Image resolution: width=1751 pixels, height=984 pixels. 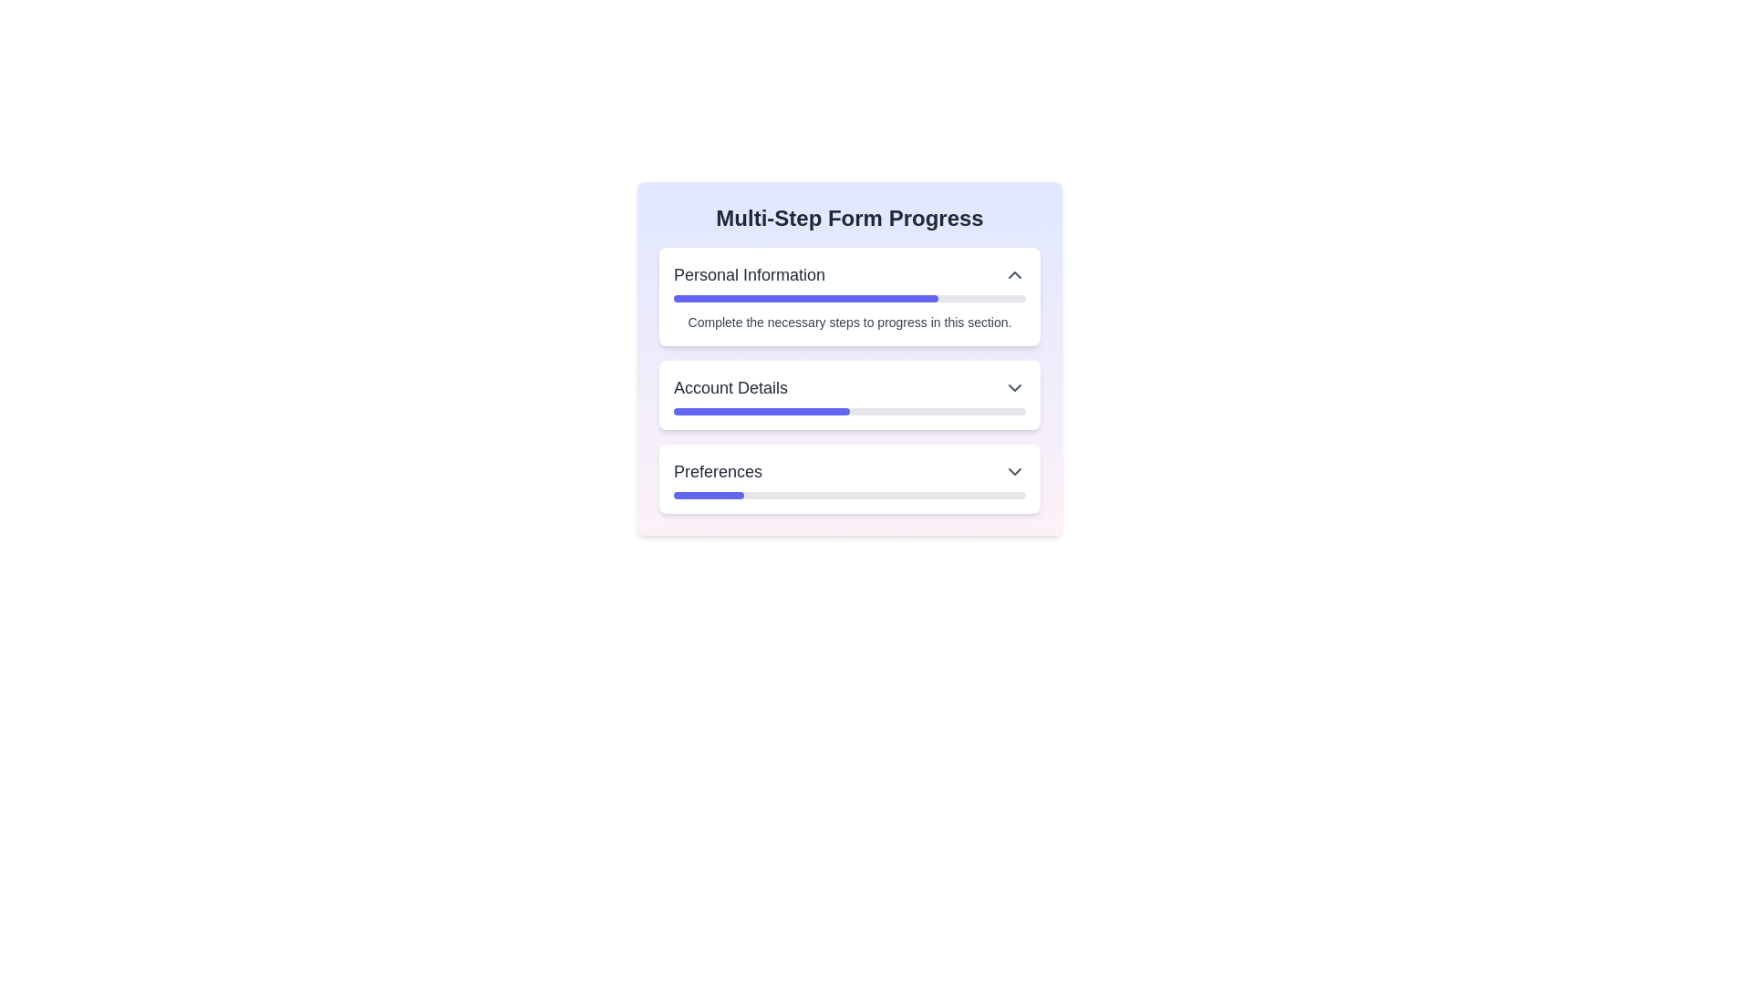 What do you see at coordinates (848, 322) in the screenshot?
I see `static text that displays 'Complete the necessary steps to progress in this section.' positioned below the progress bar in the 'Personal Information' section` at bounding box center [848, 322].